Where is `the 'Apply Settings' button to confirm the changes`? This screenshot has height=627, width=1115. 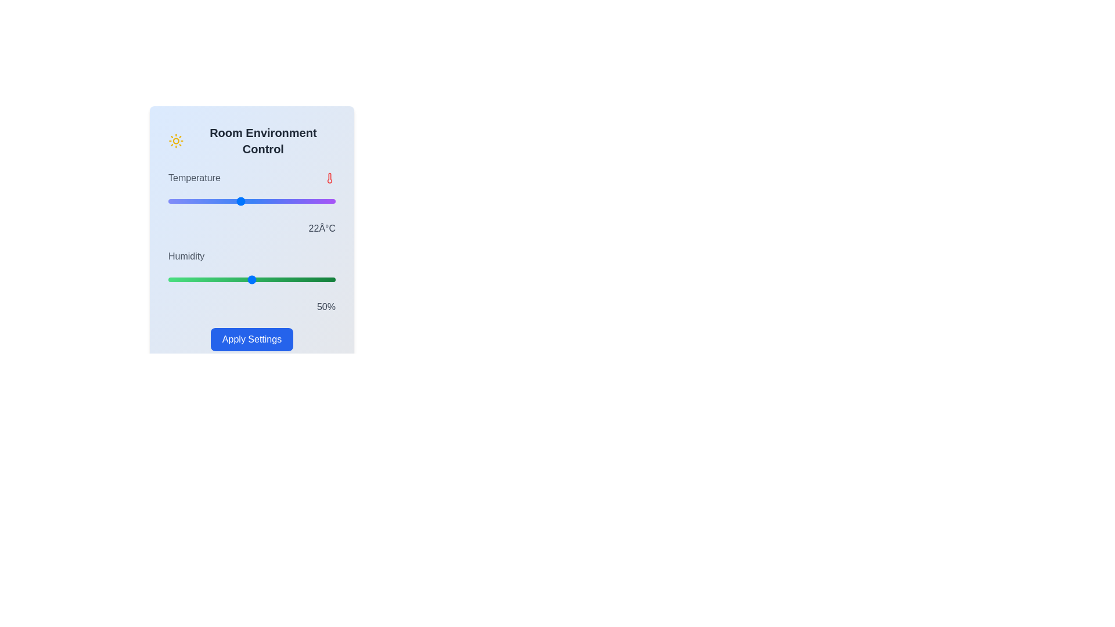
the 'Apply Settings' button to confirm the changes is located at coordinates (251, 340).